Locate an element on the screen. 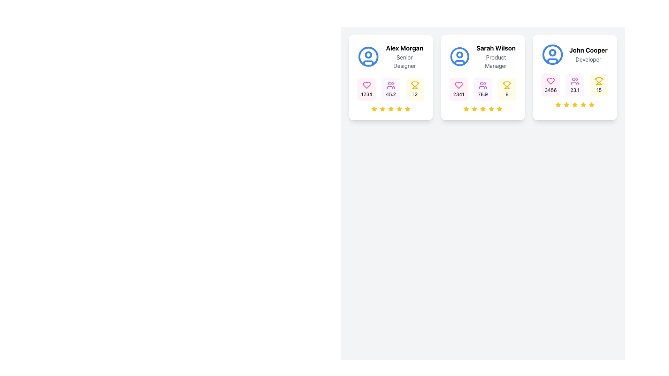  the sixth star icon representing a rating for the user profile of John Cooper is located at coordinates (583, 104).